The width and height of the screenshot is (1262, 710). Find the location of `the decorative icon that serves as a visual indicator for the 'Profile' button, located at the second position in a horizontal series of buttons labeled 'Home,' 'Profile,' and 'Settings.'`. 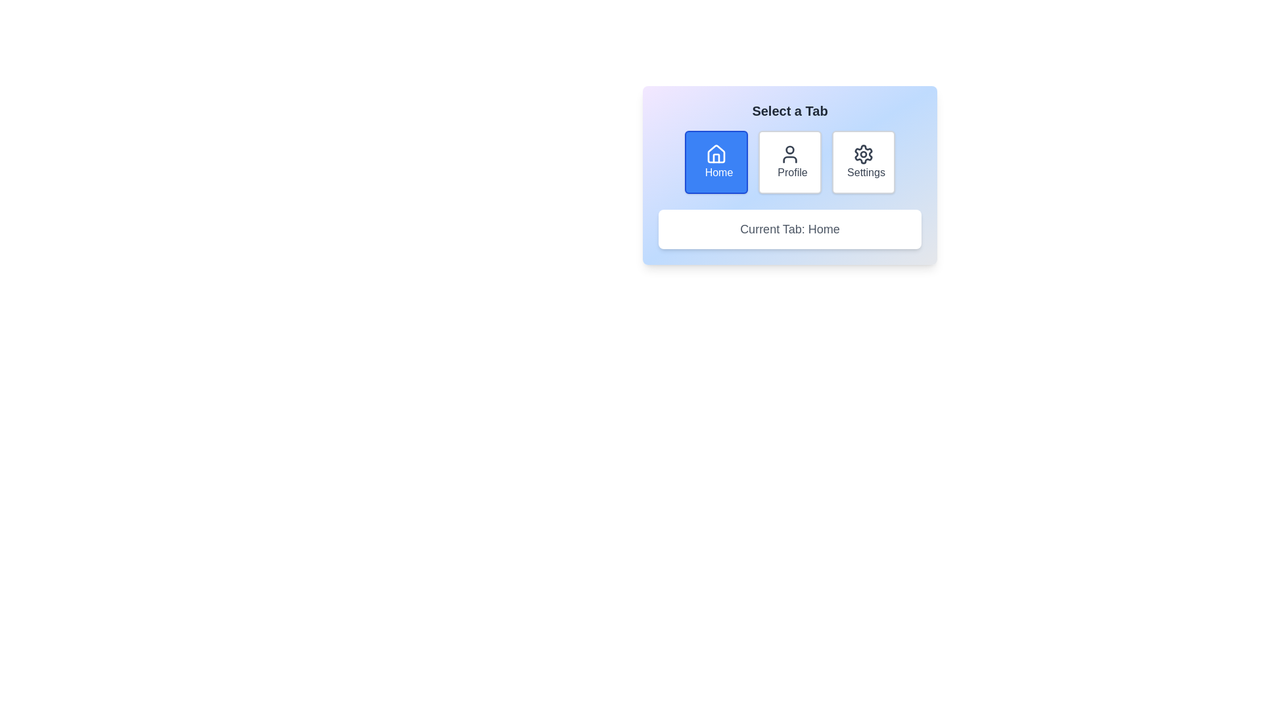

the decorative icon that serves as a visual indicator for the 'Profile' button, located at the second position in a horizontal series of buttons labeled 'Home,' 'Profile,' and 'Settings.' is located at coordinates (789, 154).